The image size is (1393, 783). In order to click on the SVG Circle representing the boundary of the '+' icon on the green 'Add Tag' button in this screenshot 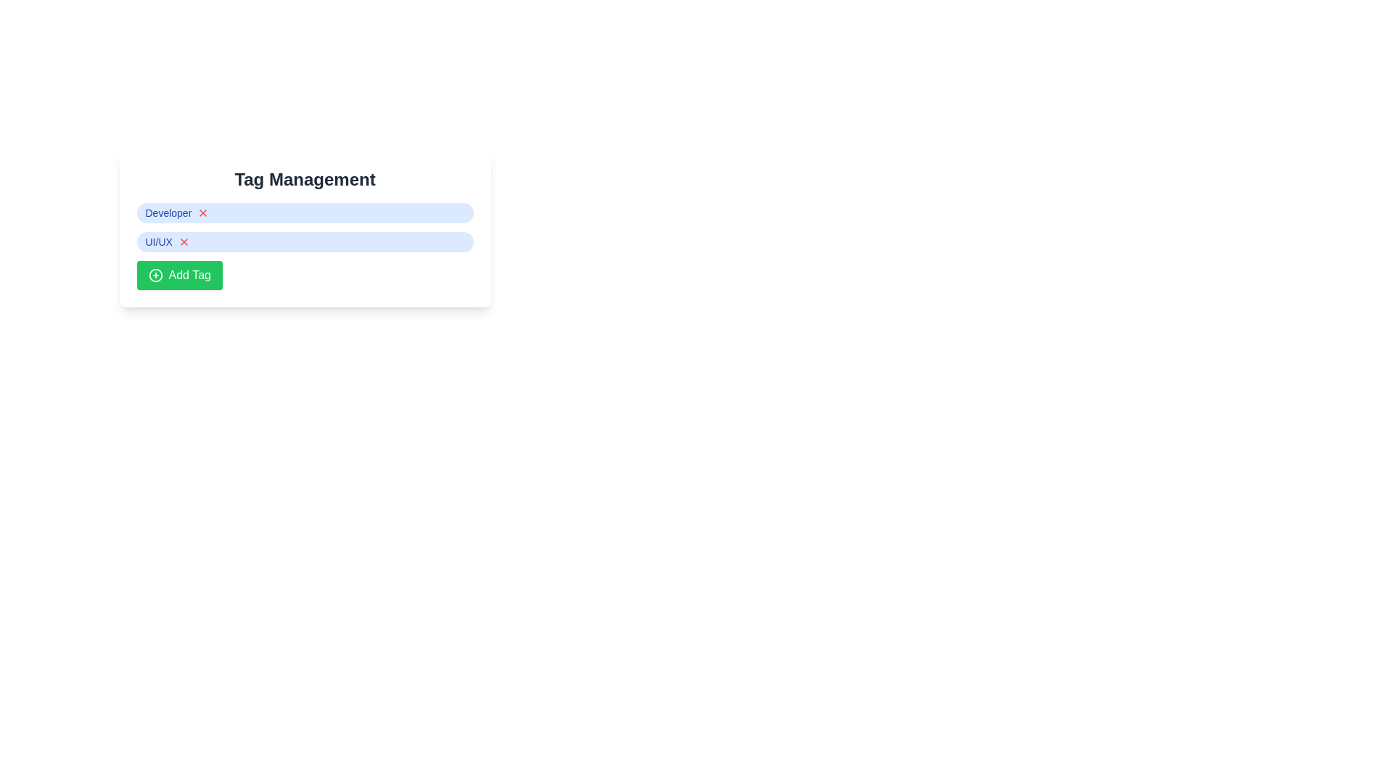, I will do `click(155, 275)`.